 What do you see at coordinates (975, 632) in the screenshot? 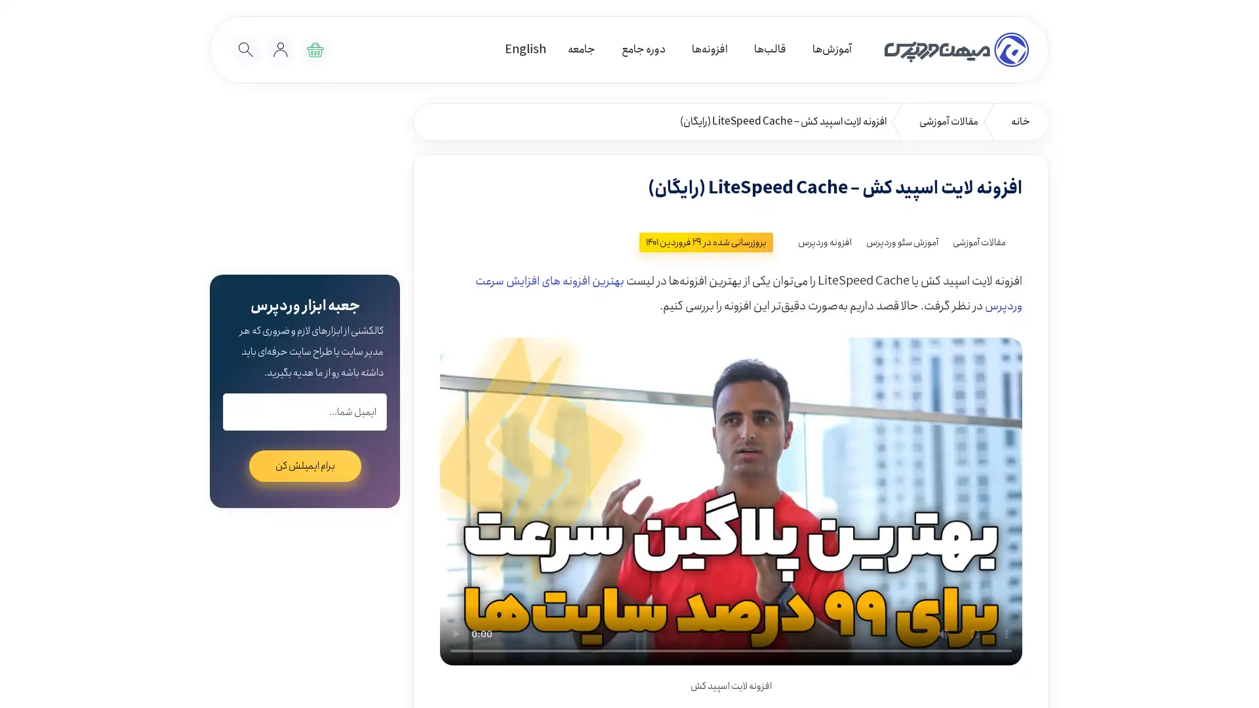
I see `enter full screen` at bounding box center [975, 632].